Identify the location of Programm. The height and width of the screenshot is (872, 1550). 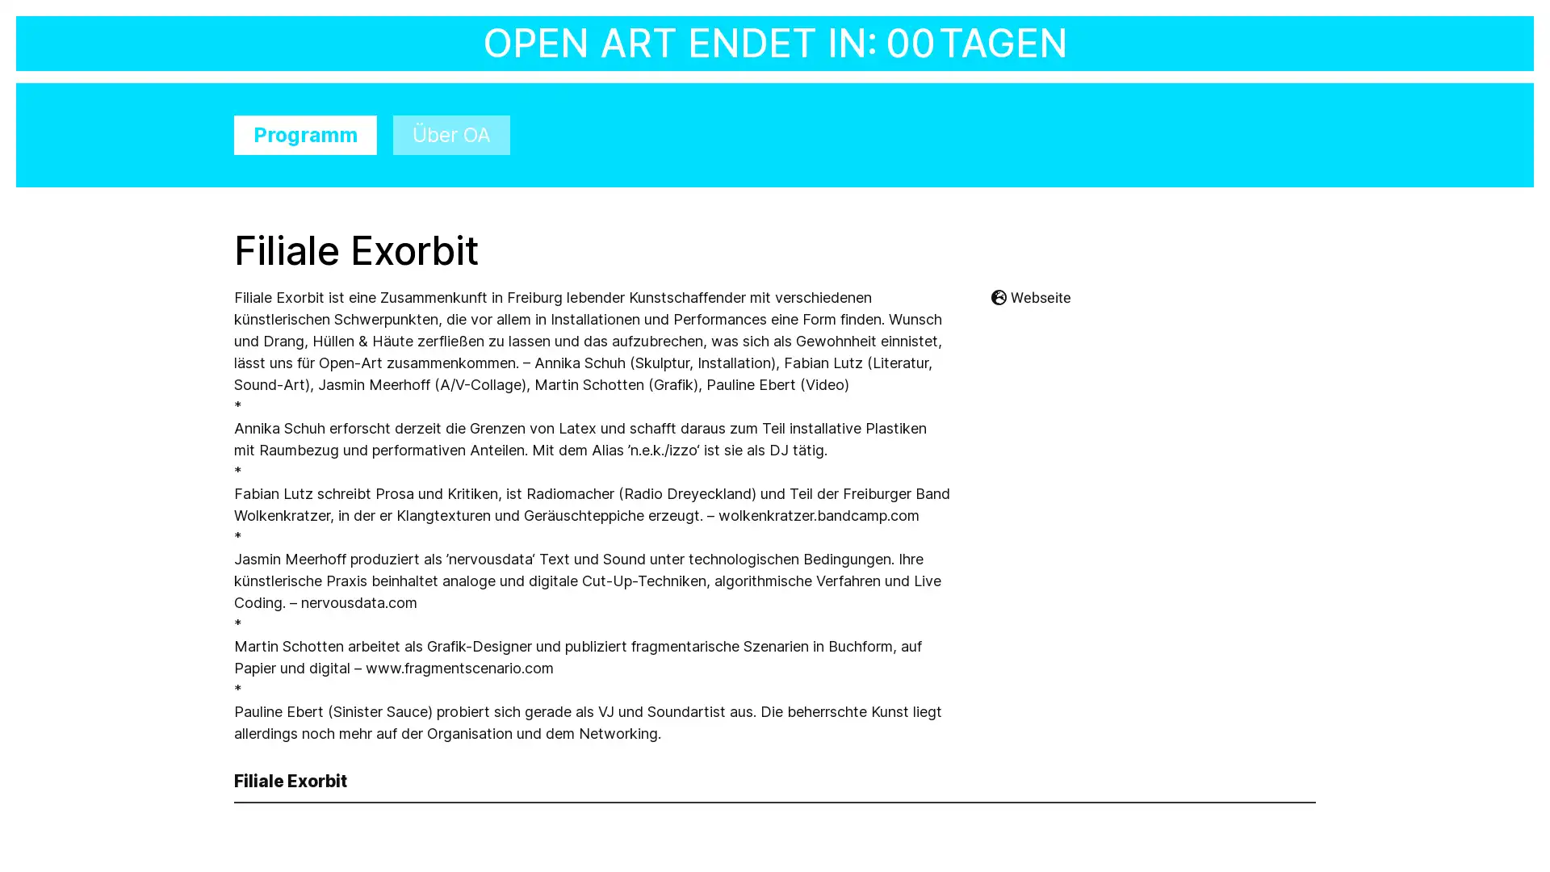
(305, 134).